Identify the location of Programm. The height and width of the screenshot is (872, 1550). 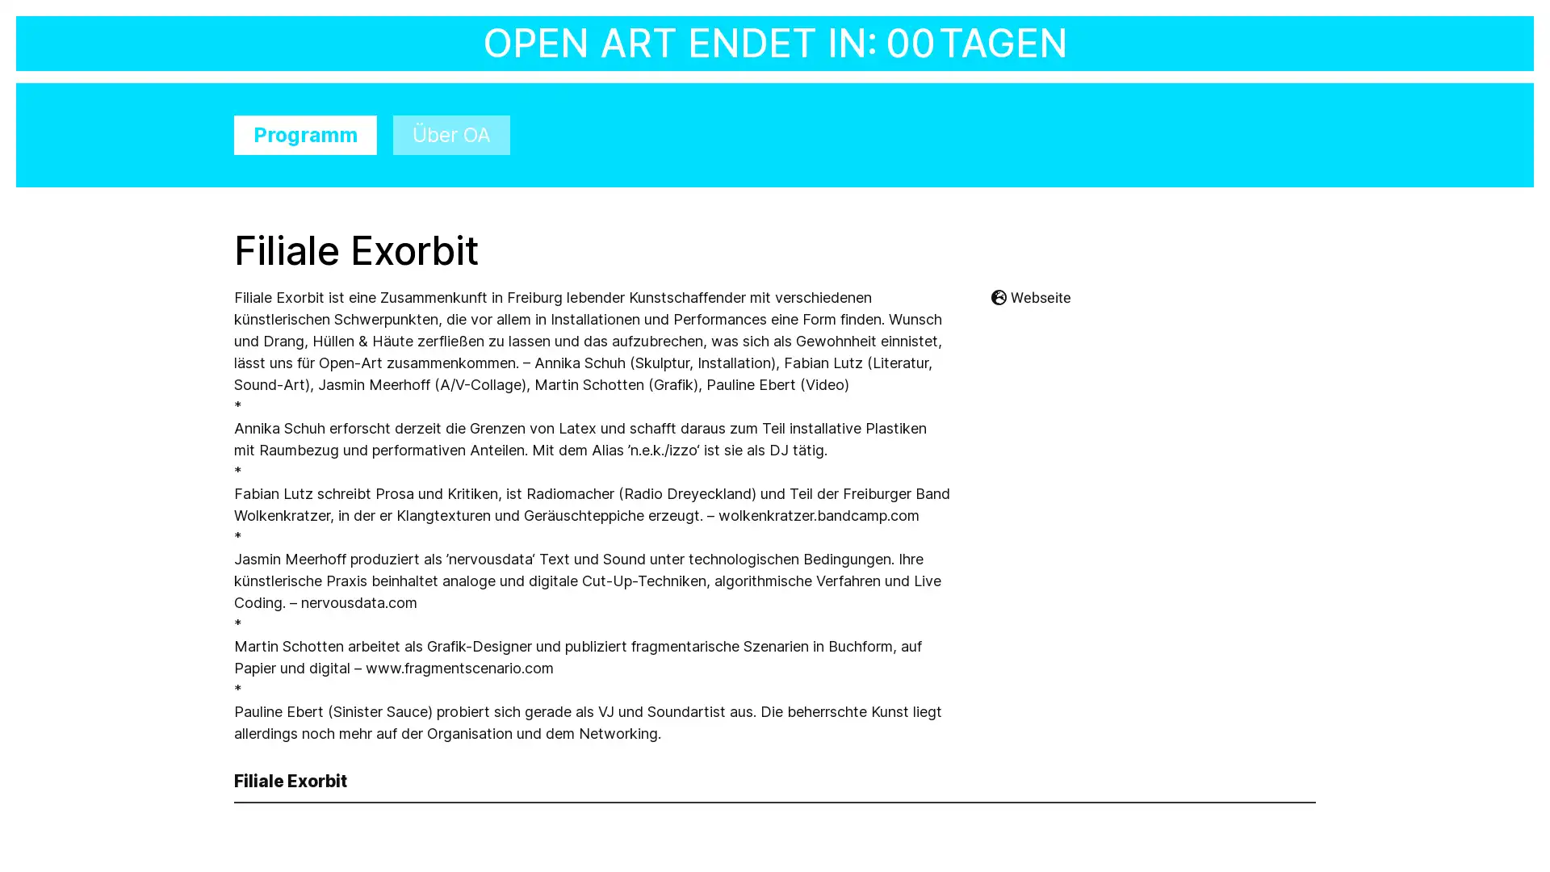
(305, 134).